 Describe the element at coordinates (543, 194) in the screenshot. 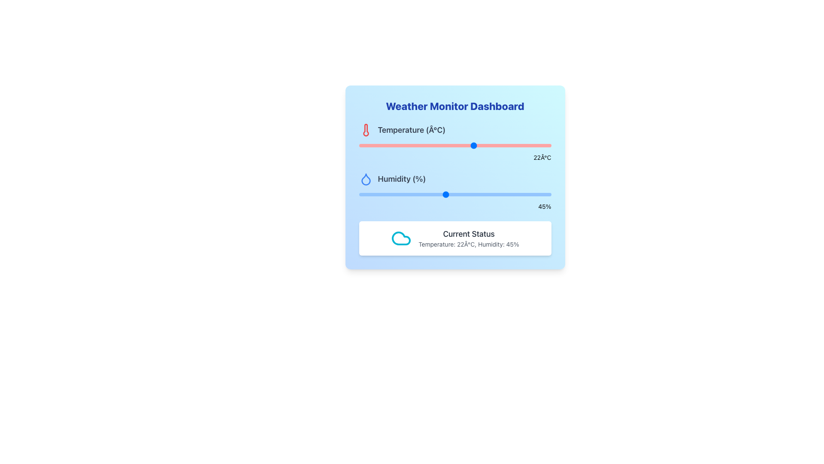

I see `the humidity level` at that location.